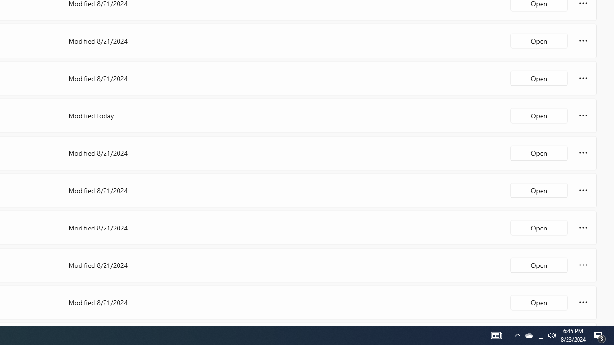 This screenshot has width=614, height=345. What do you see at coordinates (496, 334) in the screenshot?
I see `'Notification Chevron'` at bounding box center [496, 334].